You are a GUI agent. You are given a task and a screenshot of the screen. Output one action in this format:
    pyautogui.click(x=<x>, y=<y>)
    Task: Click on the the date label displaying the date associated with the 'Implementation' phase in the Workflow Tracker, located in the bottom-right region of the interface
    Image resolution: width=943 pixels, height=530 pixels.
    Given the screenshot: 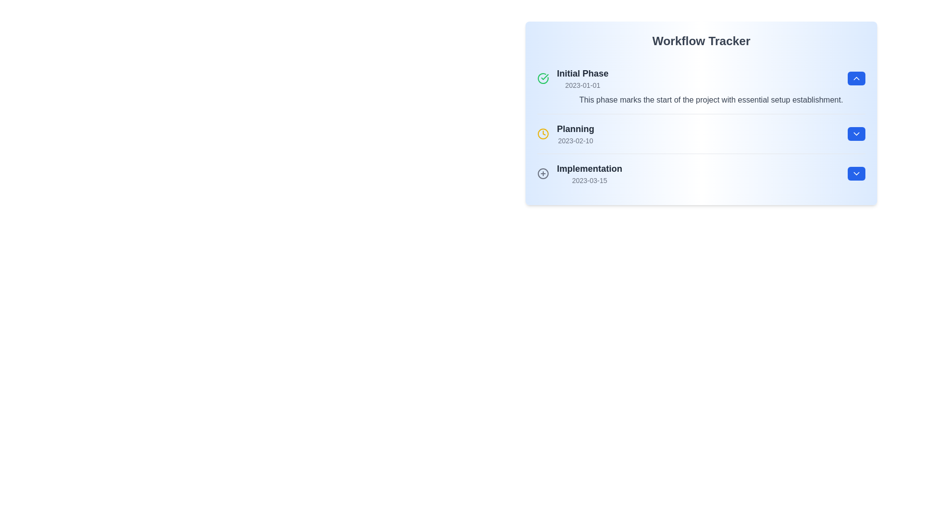 What is the action you would take?
    pyautogui.click(x=589, y=180)
    